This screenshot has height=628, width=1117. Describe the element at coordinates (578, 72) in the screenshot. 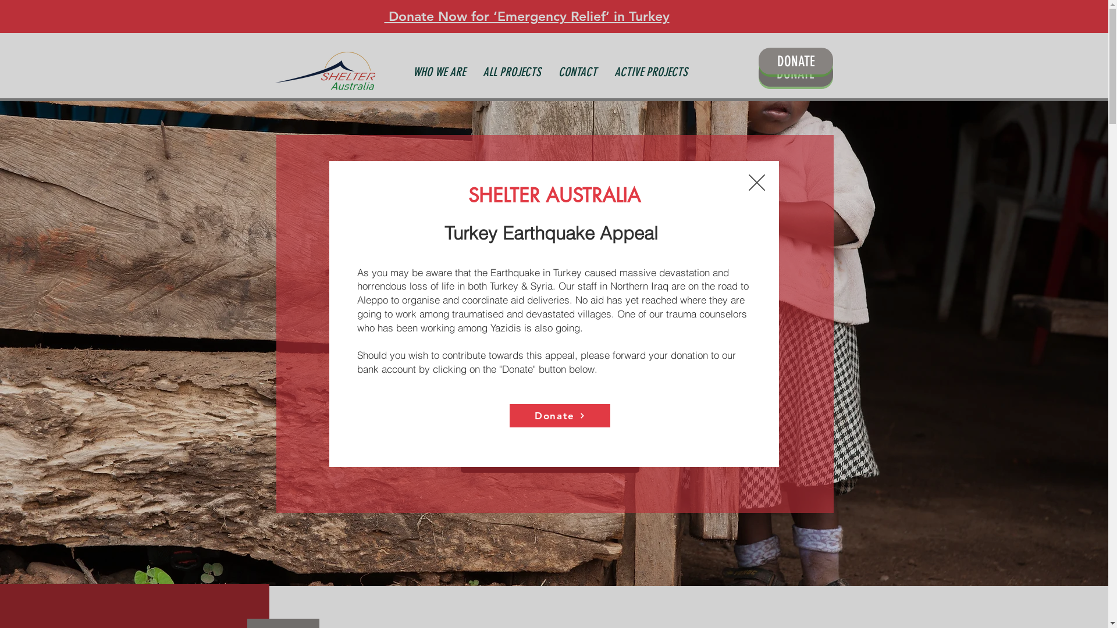

I see `'CONTACT'` at that location.